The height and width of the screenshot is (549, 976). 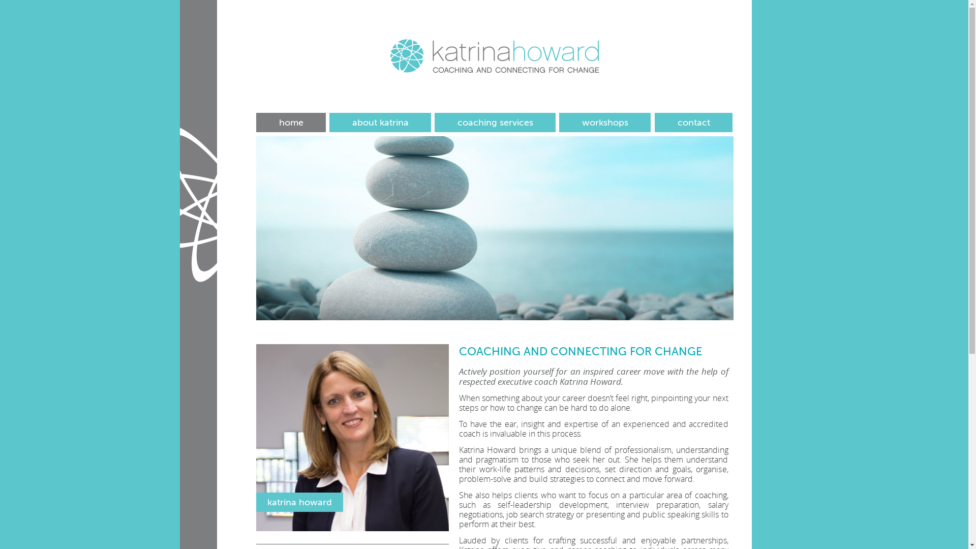 I want to click on 'contact', so click(x=693, y=121).